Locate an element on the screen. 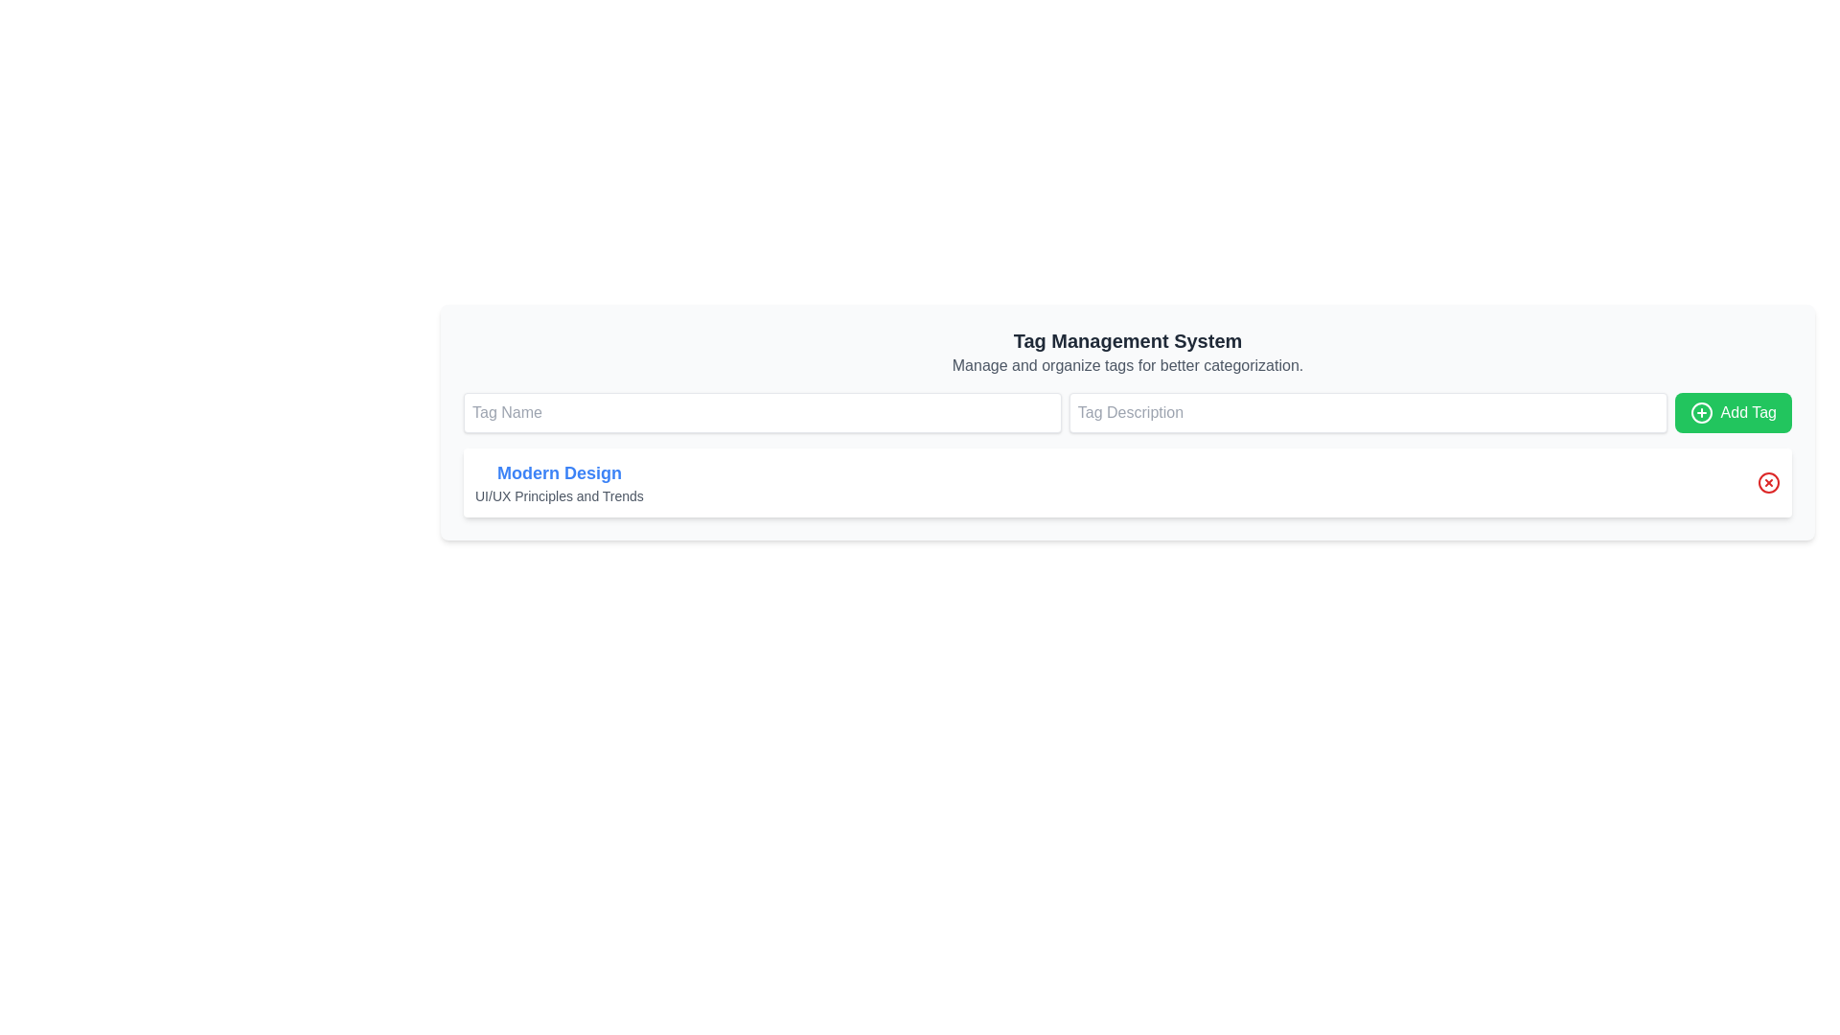  the text input field with placeholder 'Tag Description' in the Tag Management System is located at coordinates (1127, 412).